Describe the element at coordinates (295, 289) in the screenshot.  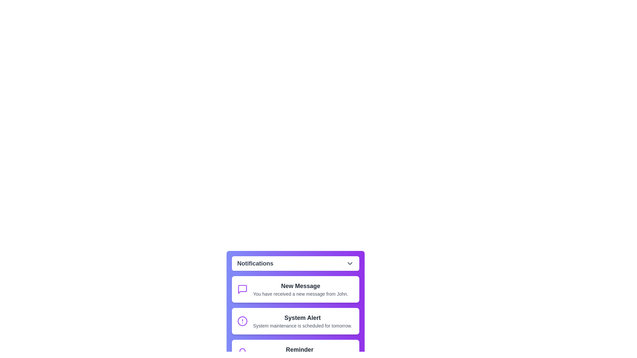
I see `the notification item with title New Message` at that location.